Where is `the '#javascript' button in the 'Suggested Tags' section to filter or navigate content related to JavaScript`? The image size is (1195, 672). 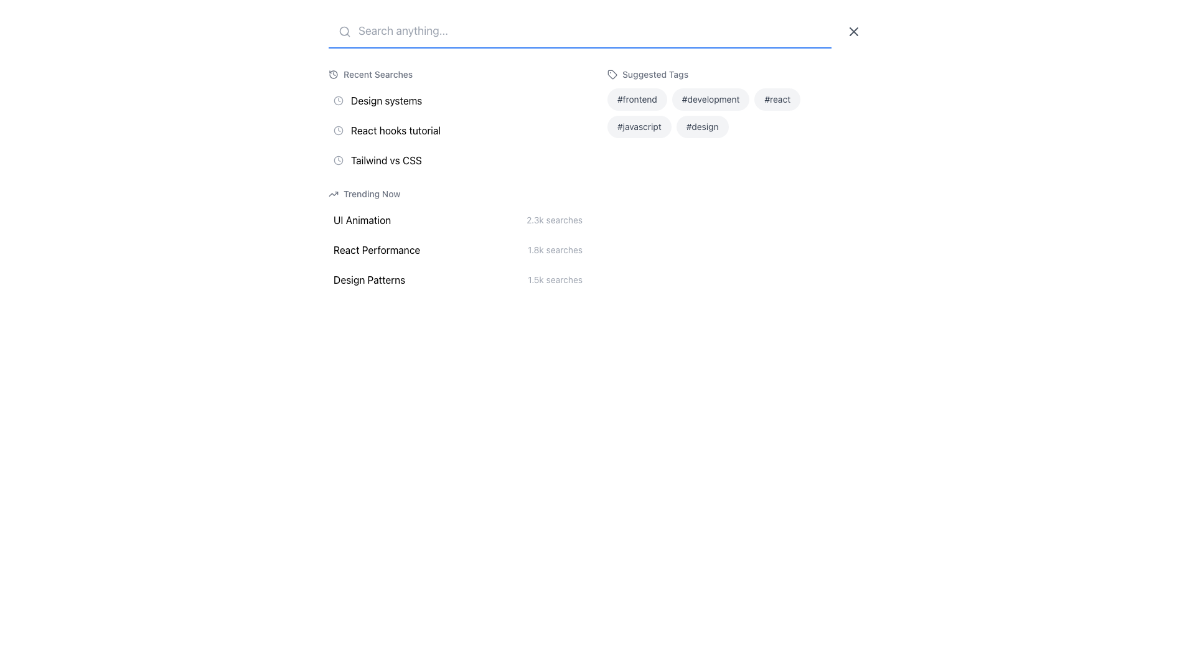 the '#javascript' button in the 'Suggested Tags' section to filter or navigate content related to JavaScript is located at coordinates (639, 127).